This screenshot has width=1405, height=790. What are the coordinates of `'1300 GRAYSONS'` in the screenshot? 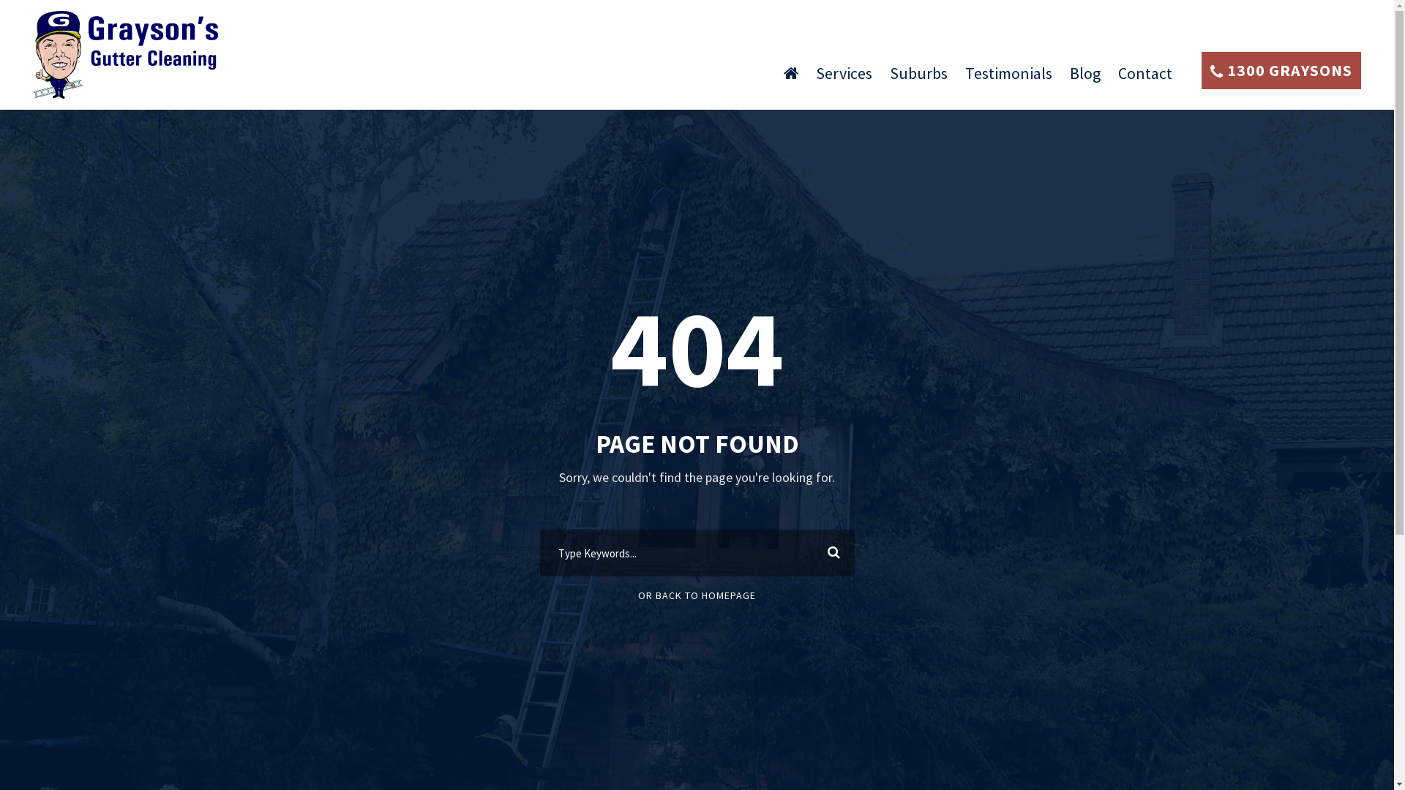 It's located at (1201, 70).